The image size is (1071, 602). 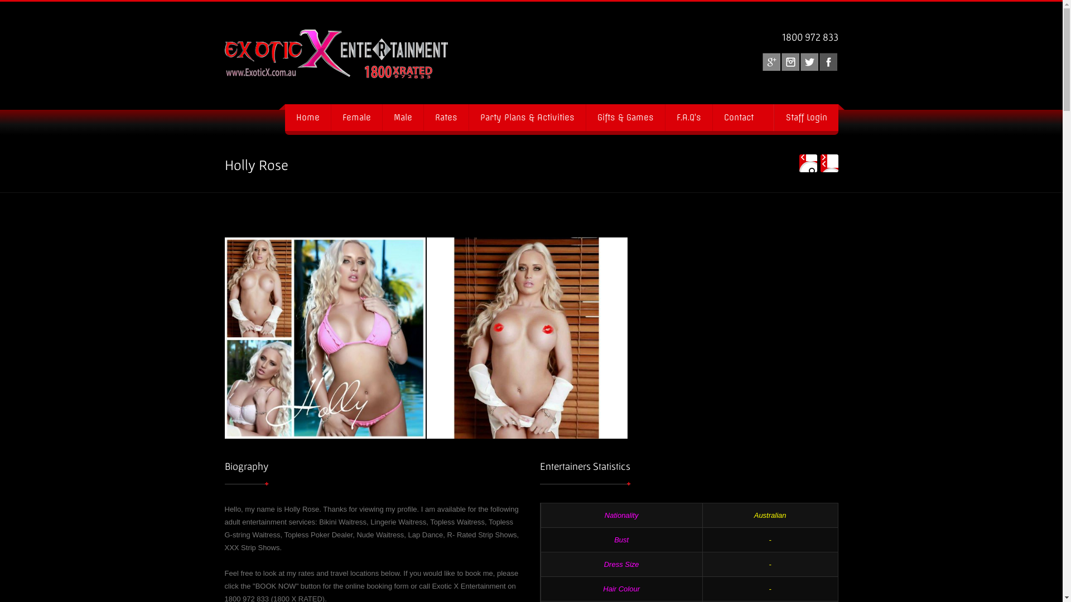 What do you see at coordinates (307, 118) in the screenshot?
I see `'Home'` at bounding box center [307, 118].